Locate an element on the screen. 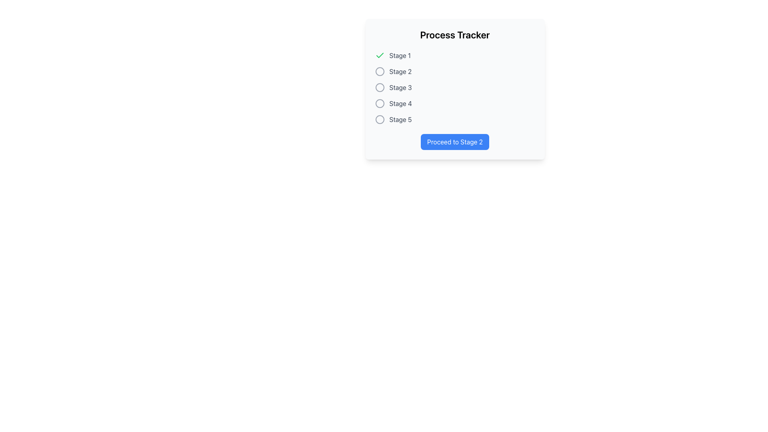 This screenshot has width=768, height=432. the green checkmark icon that signifies a completed status, located to the left of the text 'Stage 1' in the process tracker component is located at coordinates (379, 55).